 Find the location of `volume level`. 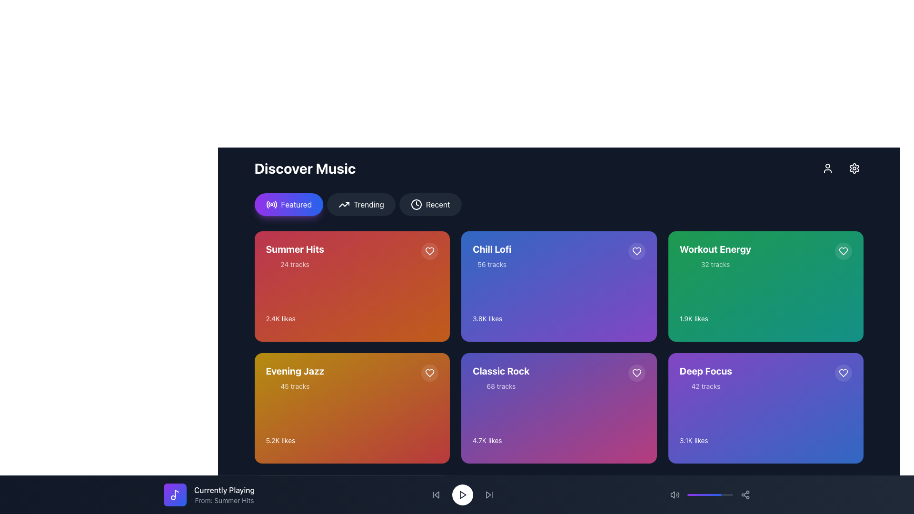

volume level is located at coordinates (701, 494).